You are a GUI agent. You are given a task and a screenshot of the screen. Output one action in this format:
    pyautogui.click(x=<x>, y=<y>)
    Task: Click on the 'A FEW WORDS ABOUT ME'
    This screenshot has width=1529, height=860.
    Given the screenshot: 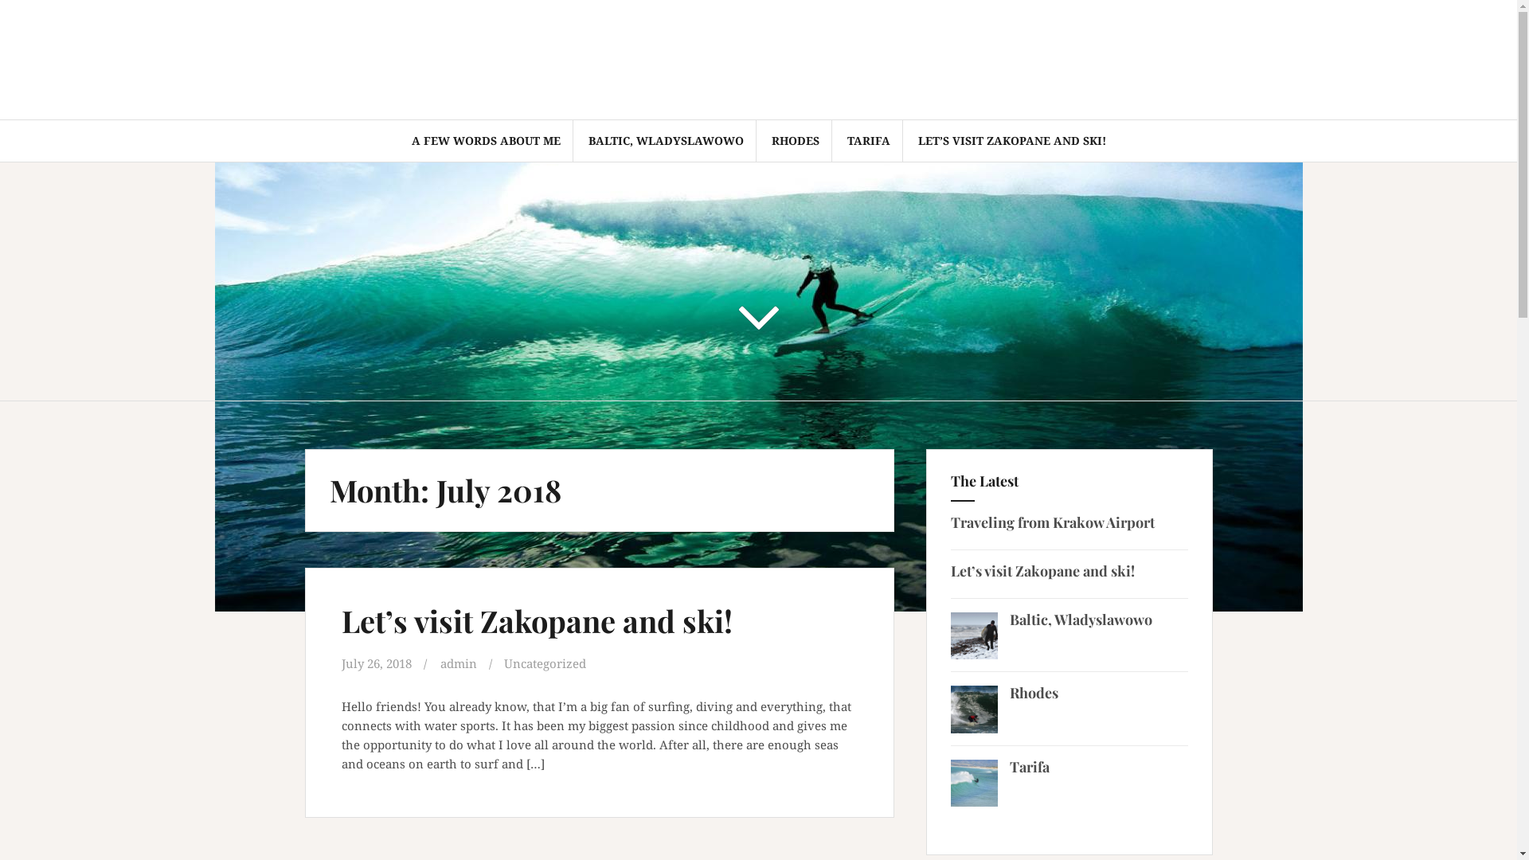 What is the action you would take?
    pyautogui.click(x=410, y=140)
    